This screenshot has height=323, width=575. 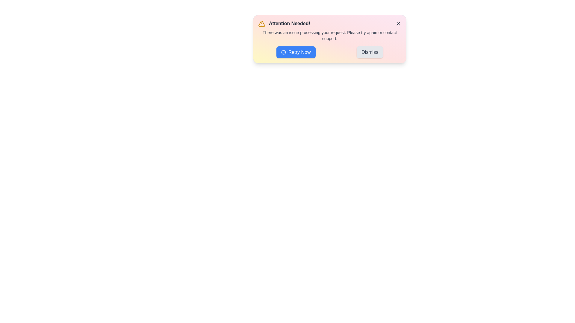 I want to click on the 'Retry Now' button to retry the operation, so click(x=296, y=52).